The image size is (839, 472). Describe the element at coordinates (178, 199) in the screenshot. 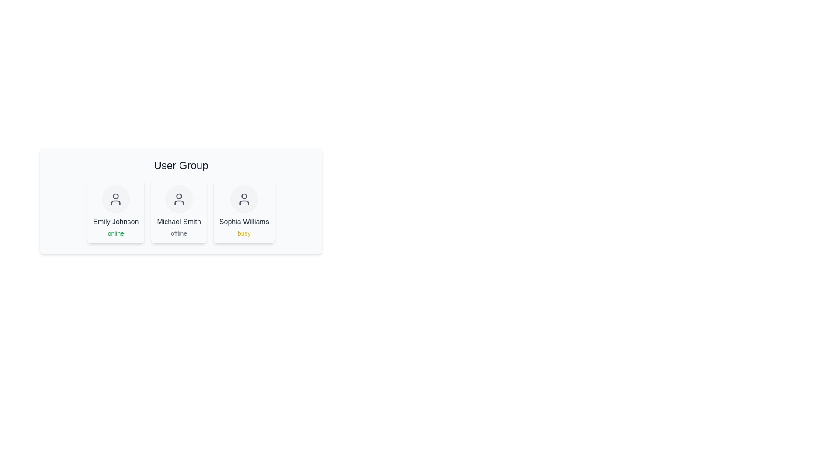

I see `the user profile icon representing 'Michael Smith', which is a circular outline with a head and shoulders inside, centrally aligned within the user card` at that location.